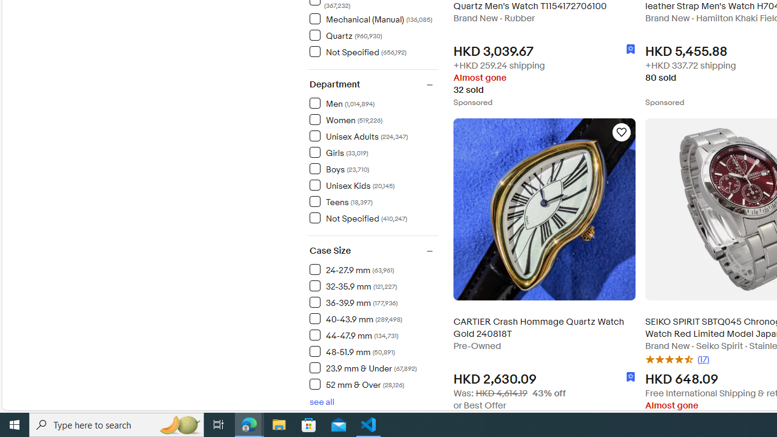  What do you see at coordinates (373, 317) in the screenshot?
I see `'40-43.9 mm(289,498) Items'` at bounding box center [373, 317].